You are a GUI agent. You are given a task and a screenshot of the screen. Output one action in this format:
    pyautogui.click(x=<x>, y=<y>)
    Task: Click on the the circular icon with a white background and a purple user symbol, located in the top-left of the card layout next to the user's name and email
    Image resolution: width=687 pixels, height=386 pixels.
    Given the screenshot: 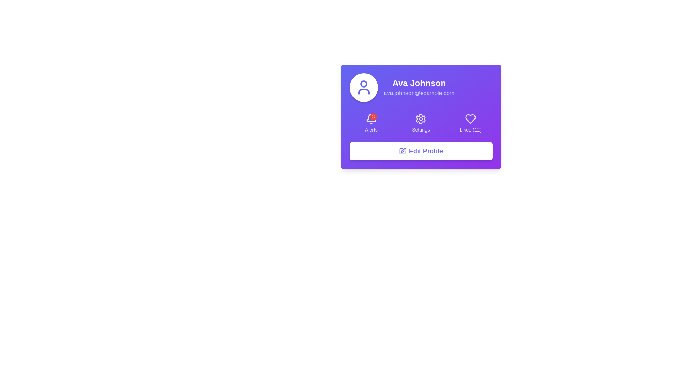 What is the action you would take?
    pyautogui.click(x=364, y=87)
    